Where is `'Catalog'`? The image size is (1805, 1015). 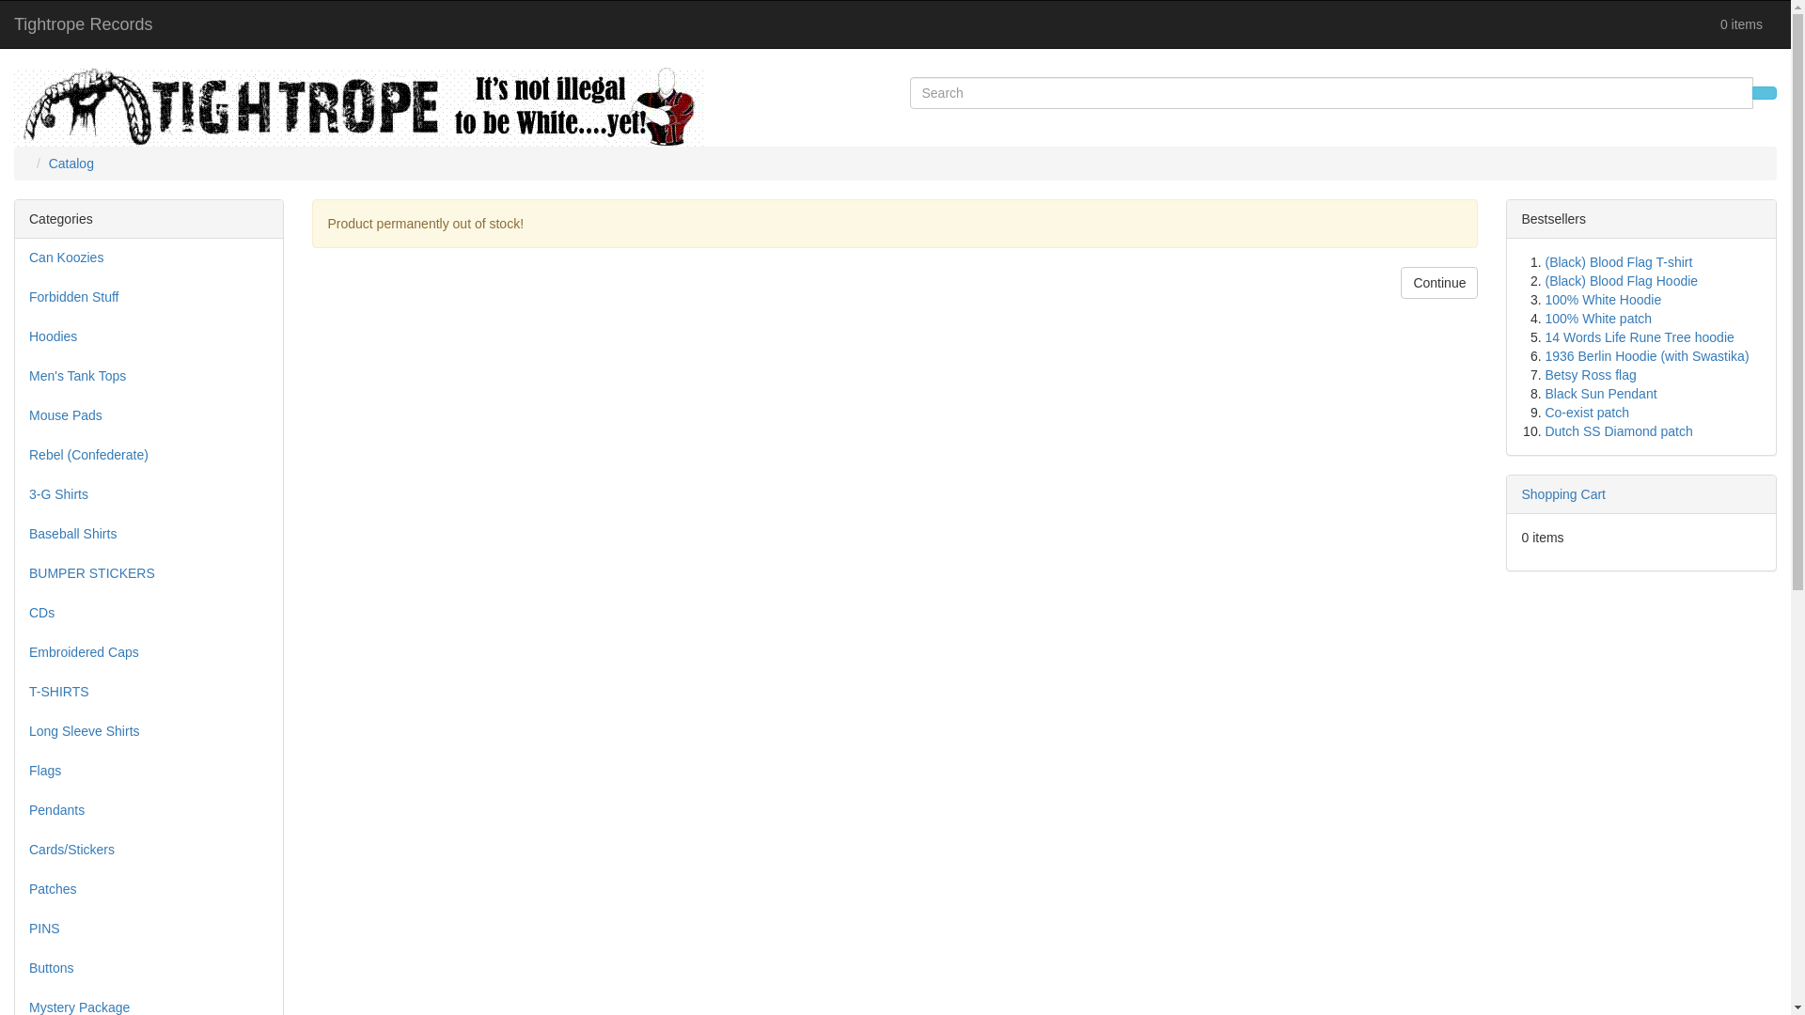 'Catalog' is located at coordinates (71, 162).